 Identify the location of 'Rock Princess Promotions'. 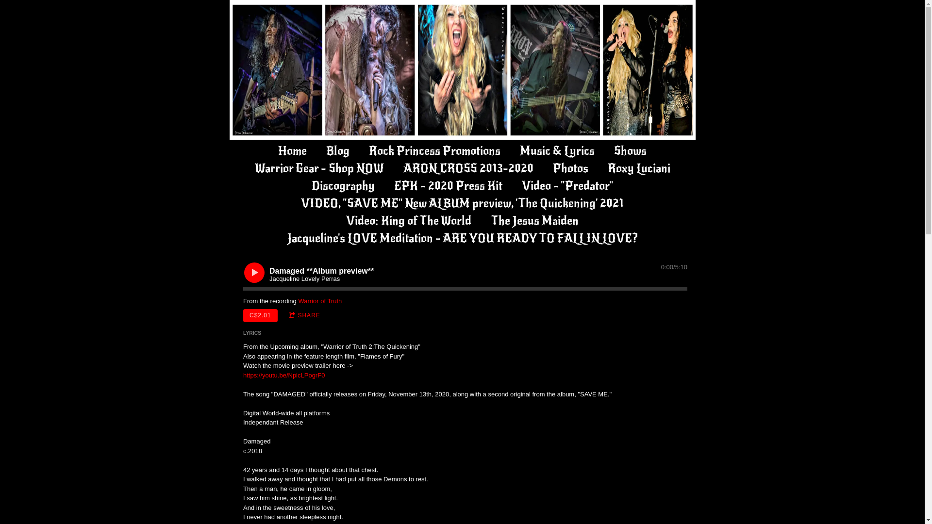
(434, 151).